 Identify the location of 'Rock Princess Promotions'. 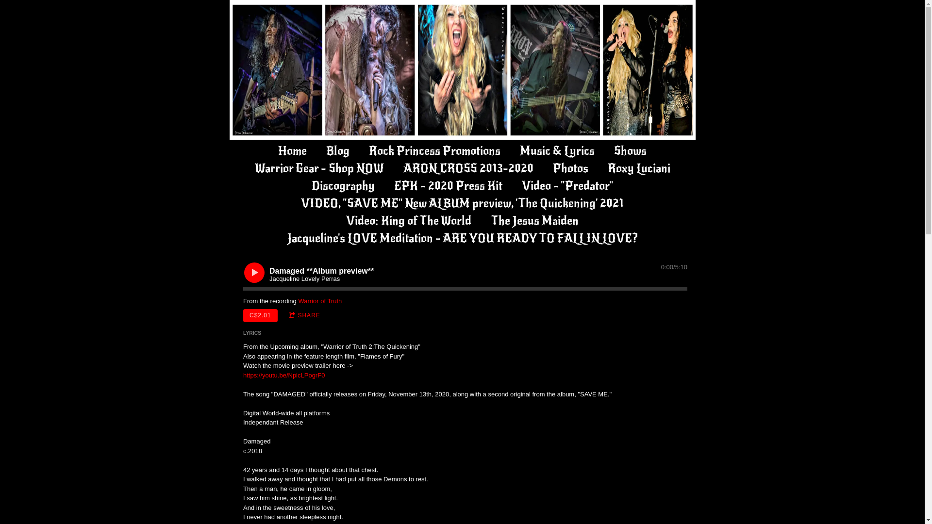
(434, 151).